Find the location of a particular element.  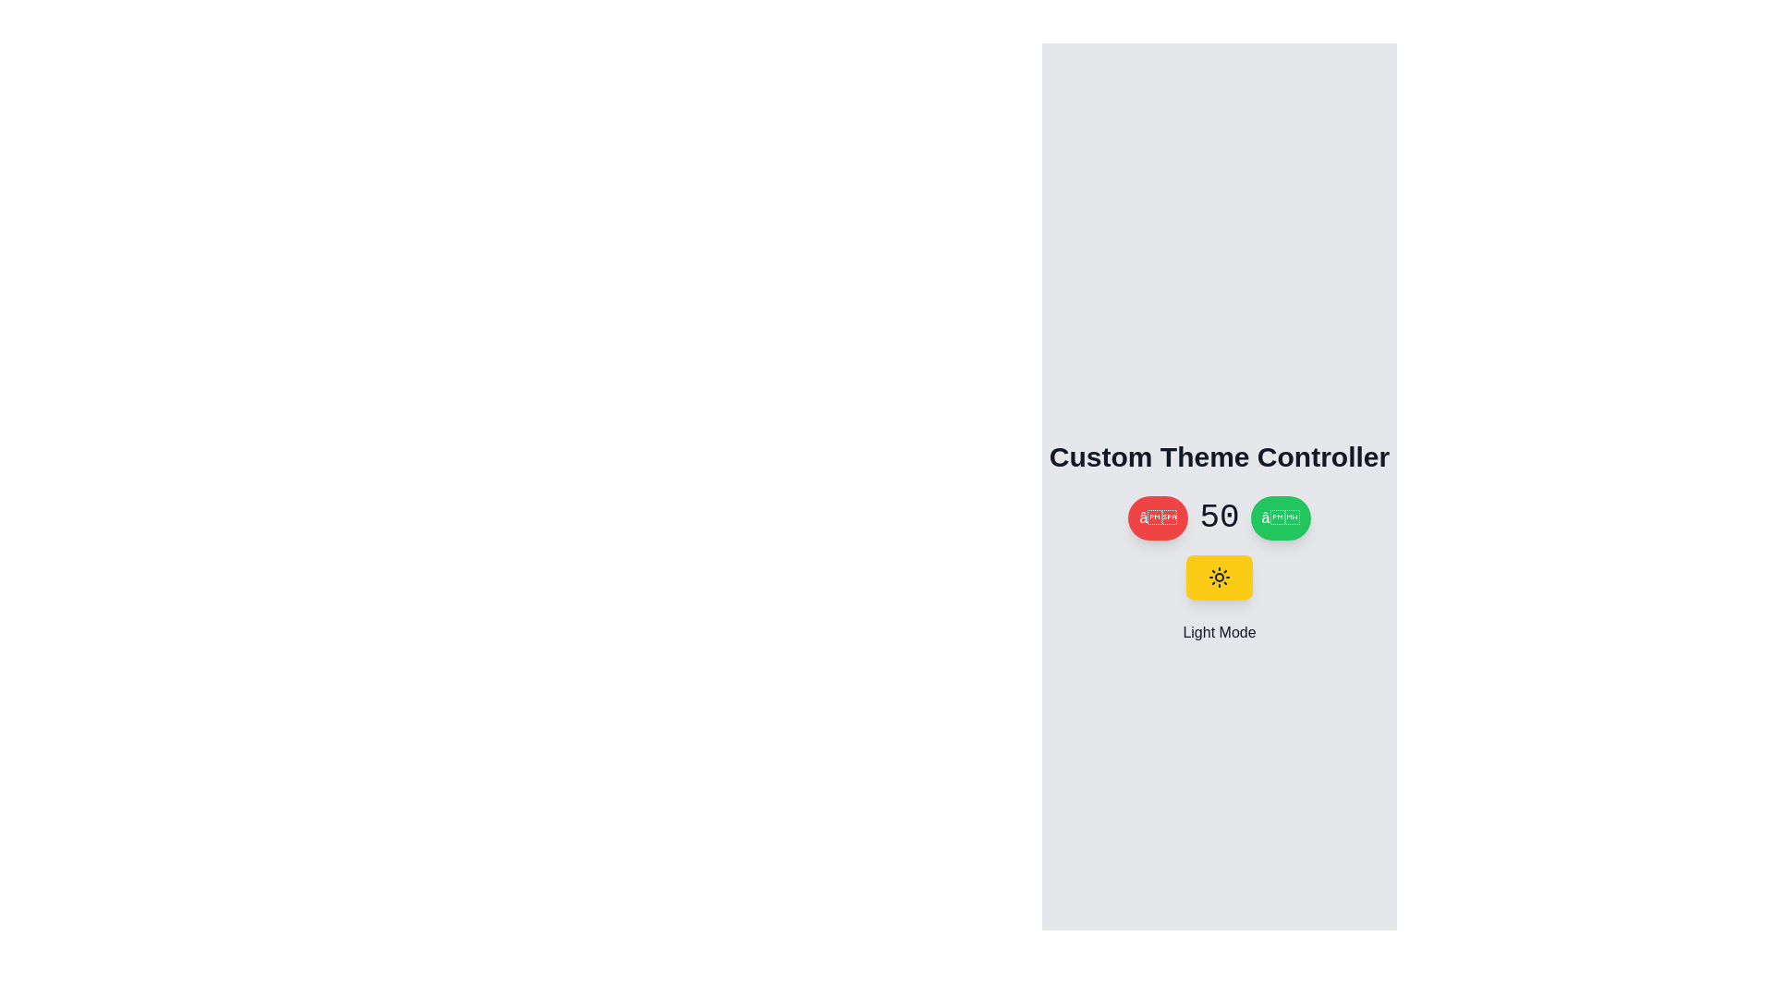

the numeric display text showing '50' styled as 'text-4xl', positioned between a red button on the left and a green button on the right is located at coordinates (1220, 517).